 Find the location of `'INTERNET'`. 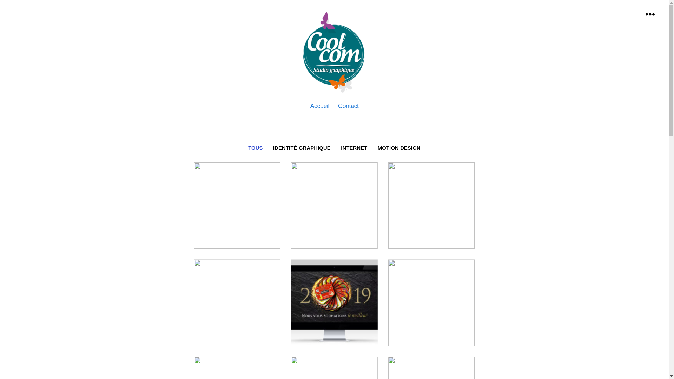

'INTERNET' is located at coordinates (354, 148).